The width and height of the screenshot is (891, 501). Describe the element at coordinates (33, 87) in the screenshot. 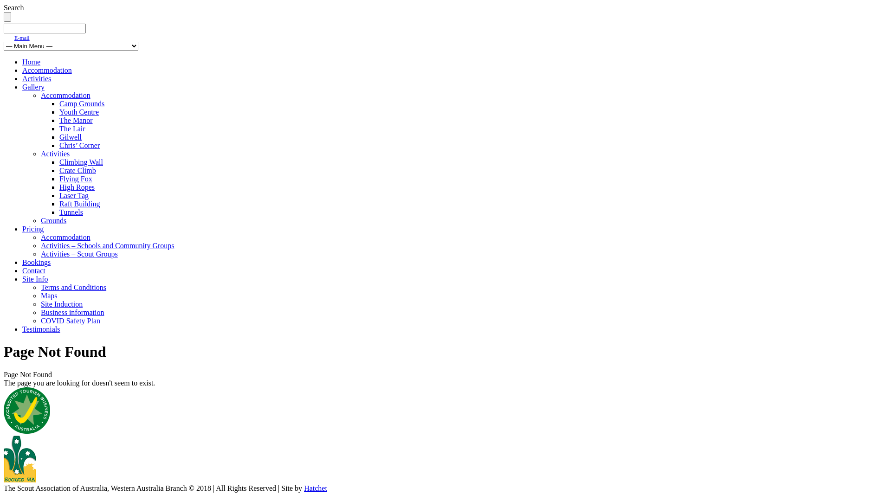

I see `'Gallery'` at that location.